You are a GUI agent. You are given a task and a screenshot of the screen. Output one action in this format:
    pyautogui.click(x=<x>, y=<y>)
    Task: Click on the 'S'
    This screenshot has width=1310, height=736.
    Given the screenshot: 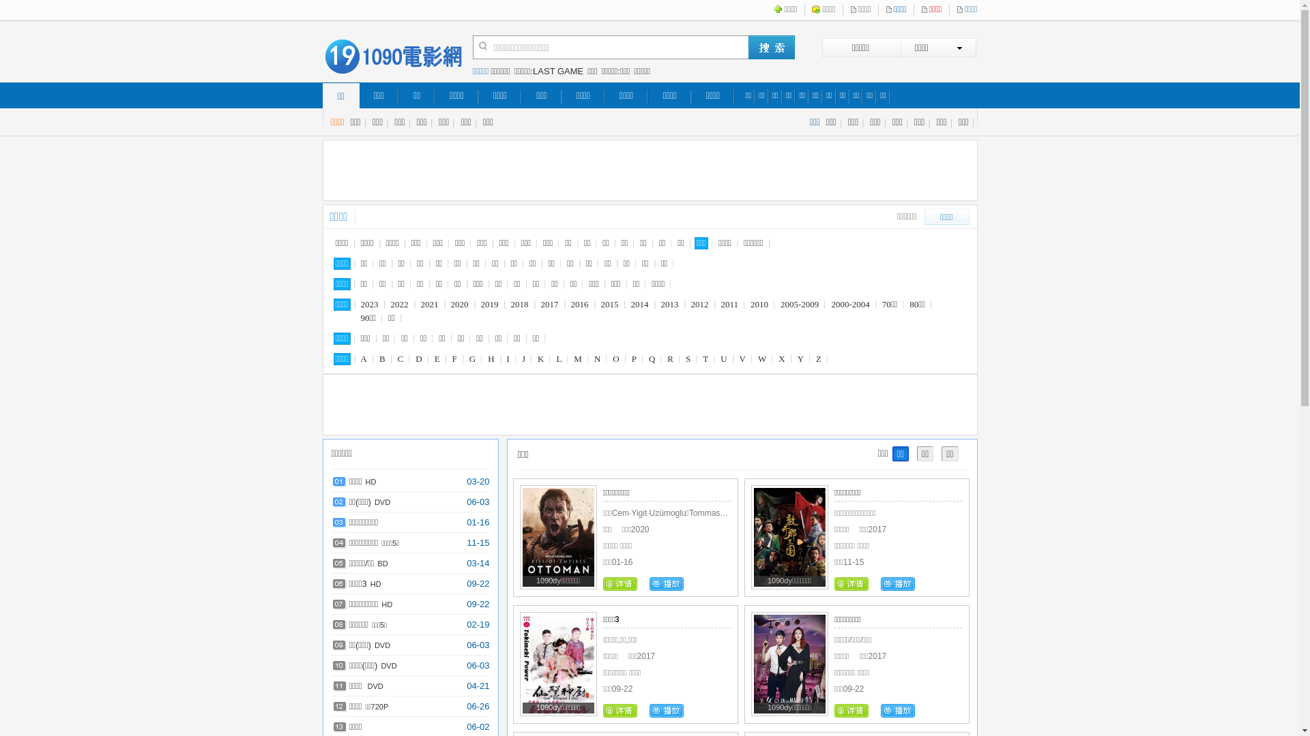 What is the action you would take?
    pyautogui.click(x=688, y=358)
    